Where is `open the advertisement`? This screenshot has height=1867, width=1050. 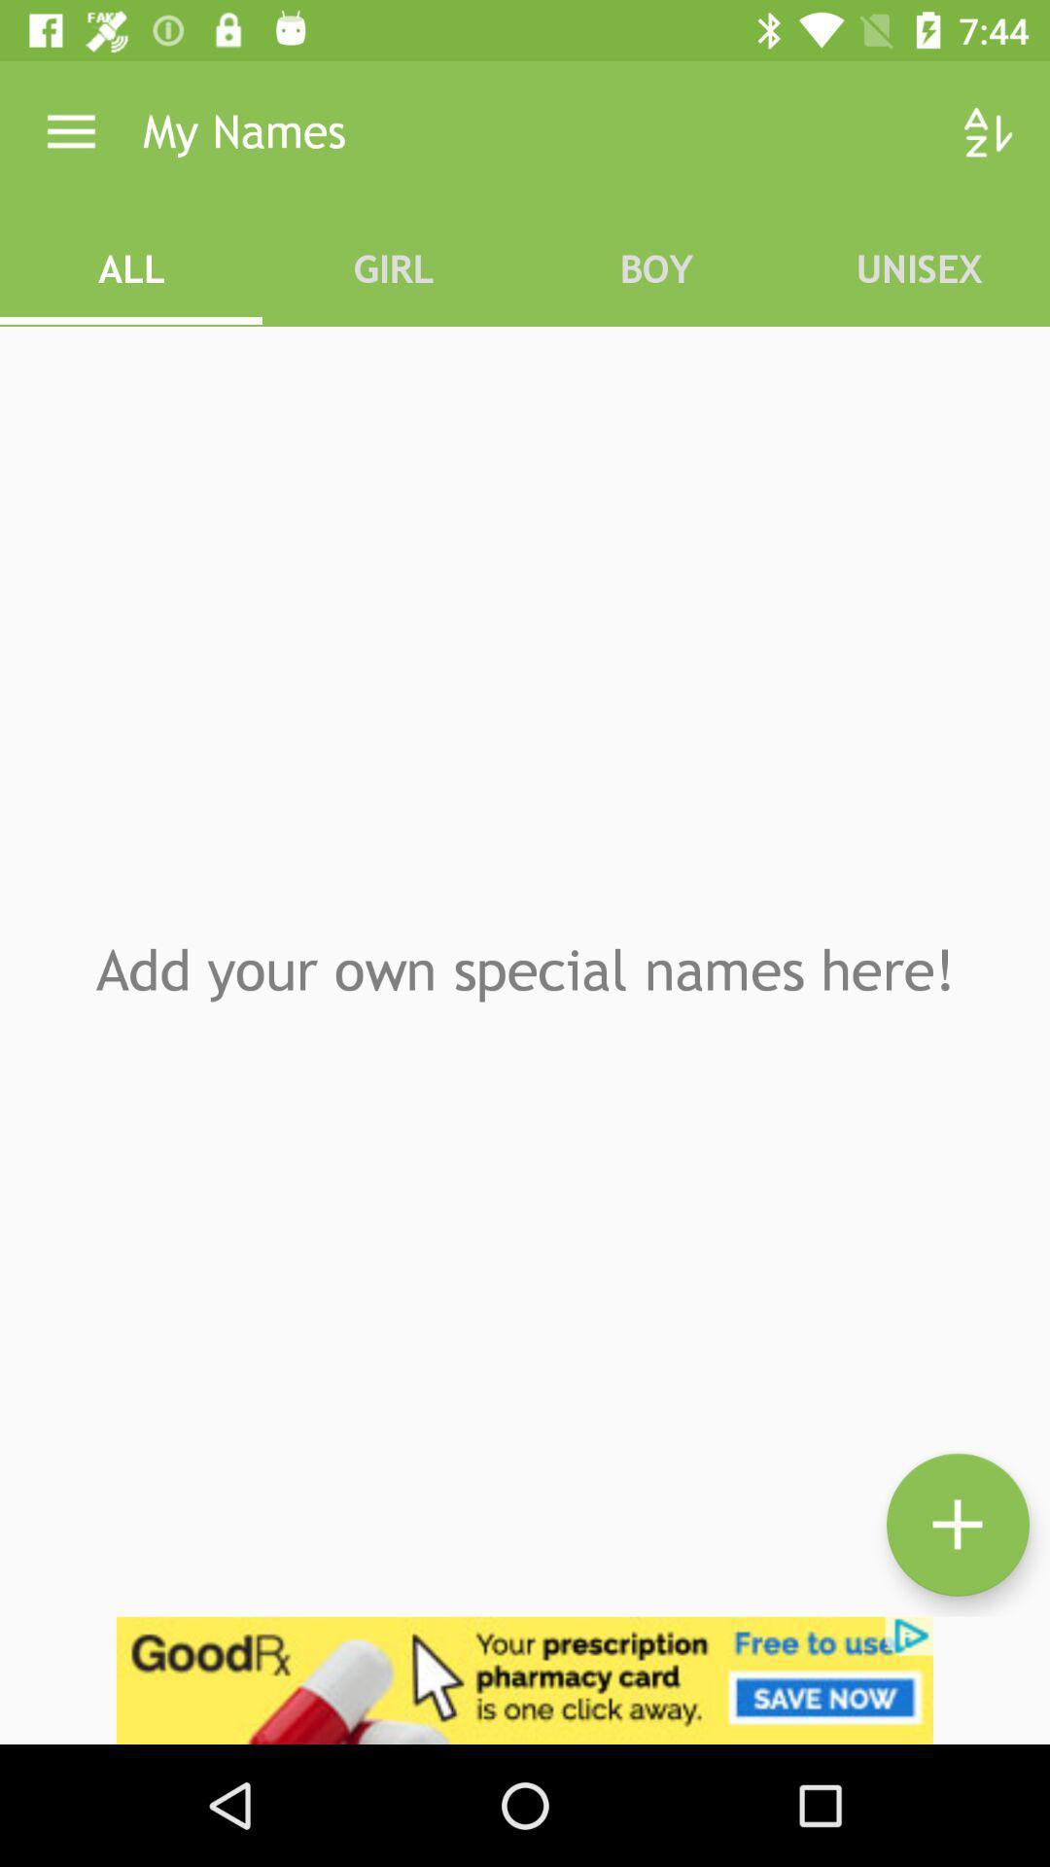 open the advertisement is located at coordinates (525, 1679).